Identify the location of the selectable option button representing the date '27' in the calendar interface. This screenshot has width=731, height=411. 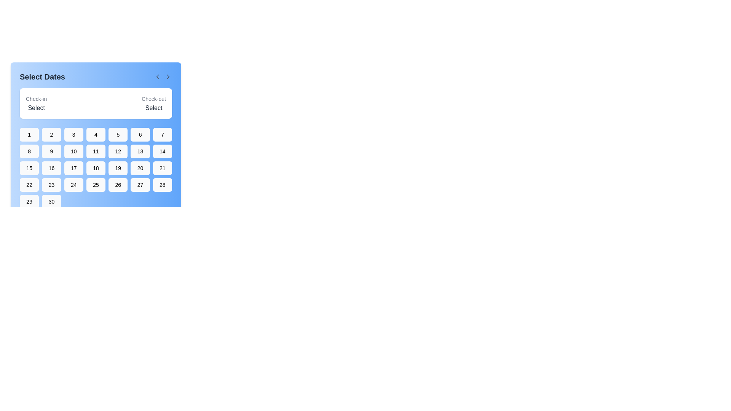
(140, 185).